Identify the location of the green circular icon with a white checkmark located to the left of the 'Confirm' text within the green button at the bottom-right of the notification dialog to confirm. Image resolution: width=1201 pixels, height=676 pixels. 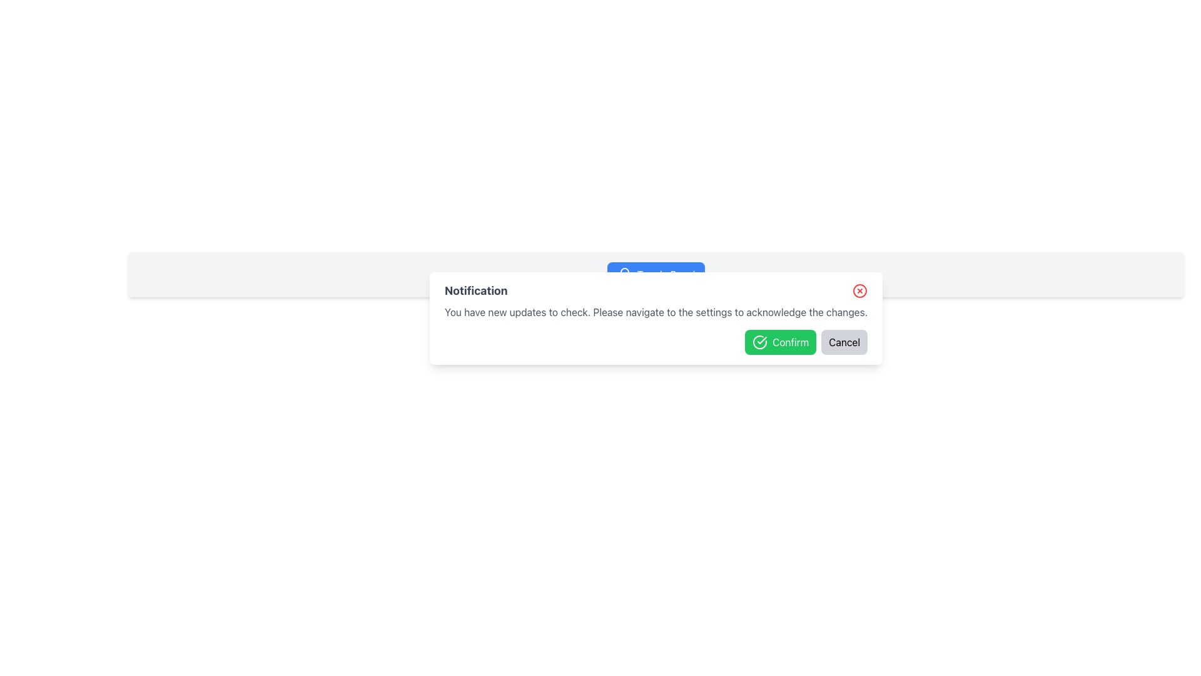
(759, 342).